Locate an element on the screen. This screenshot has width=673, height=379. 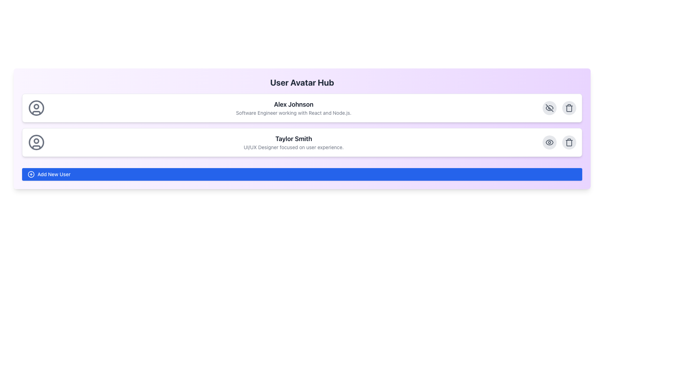
the circular '+' icon within the blue 'Add New User' button to initiate an action is located at coordinates (31, 174).